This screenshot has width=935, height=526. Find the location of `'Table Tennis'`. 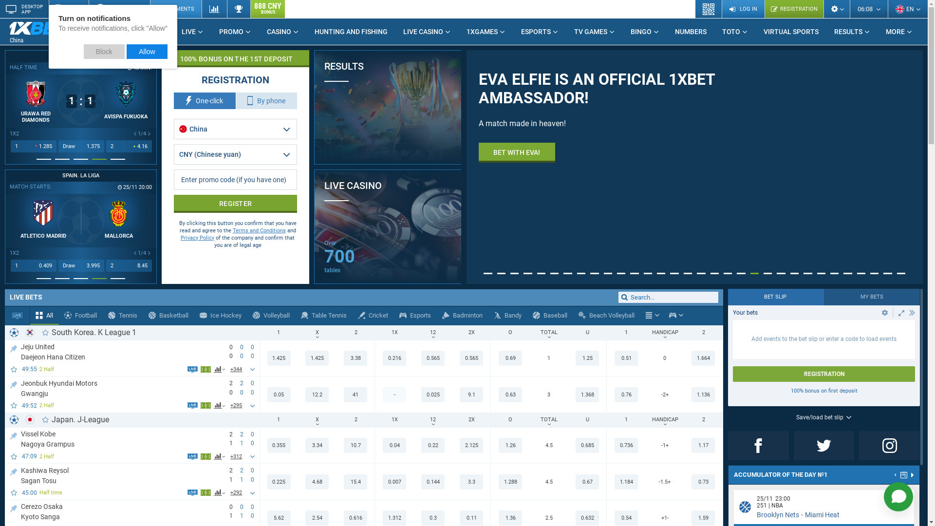

'Table Tennis' is located at coordinates (324, 316).